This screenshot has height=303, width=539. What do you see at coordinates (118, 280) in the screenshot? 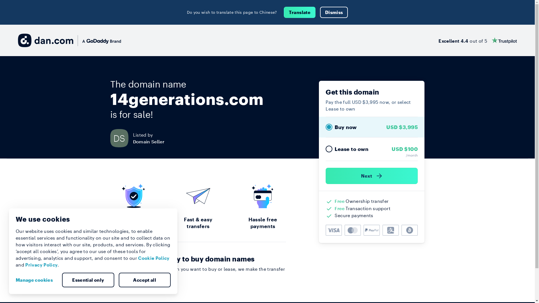
I see `'Accept all'` at bounding box center [118, 280].